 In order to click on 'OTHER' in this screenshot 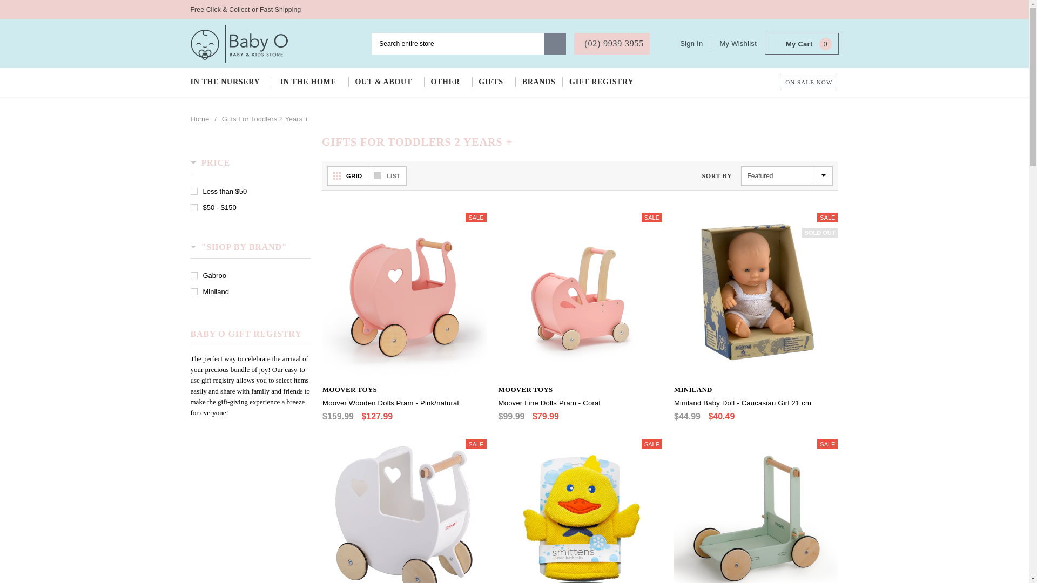, I will do `click(447, 82)`.